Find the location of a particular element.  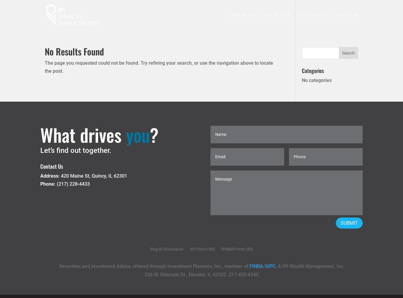

'No categories' is located at coordinates (301, 80).